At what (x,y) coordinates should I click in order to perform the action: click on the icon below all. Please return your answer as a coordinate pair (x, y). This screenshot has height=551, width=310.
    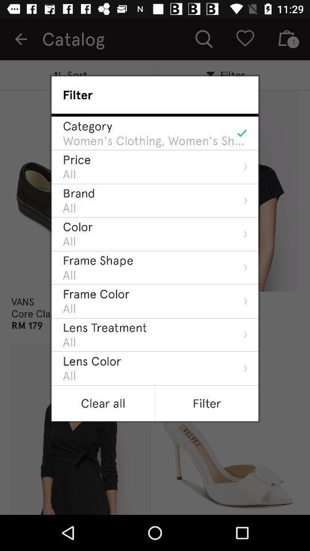
    Looking at the image, I should click on (95, 293).